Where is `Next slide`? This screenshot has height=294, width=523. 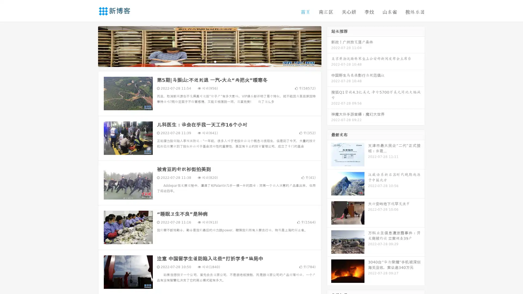
Next slide is located at coordinates (329, 46).